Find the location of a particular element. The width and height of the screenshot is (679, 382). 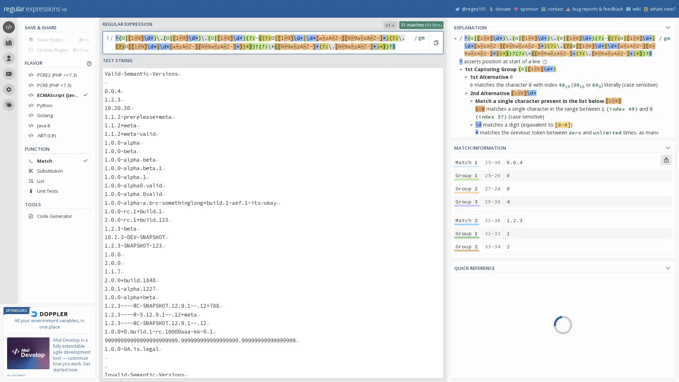

Character Classes is located at coordinates (487, 364).